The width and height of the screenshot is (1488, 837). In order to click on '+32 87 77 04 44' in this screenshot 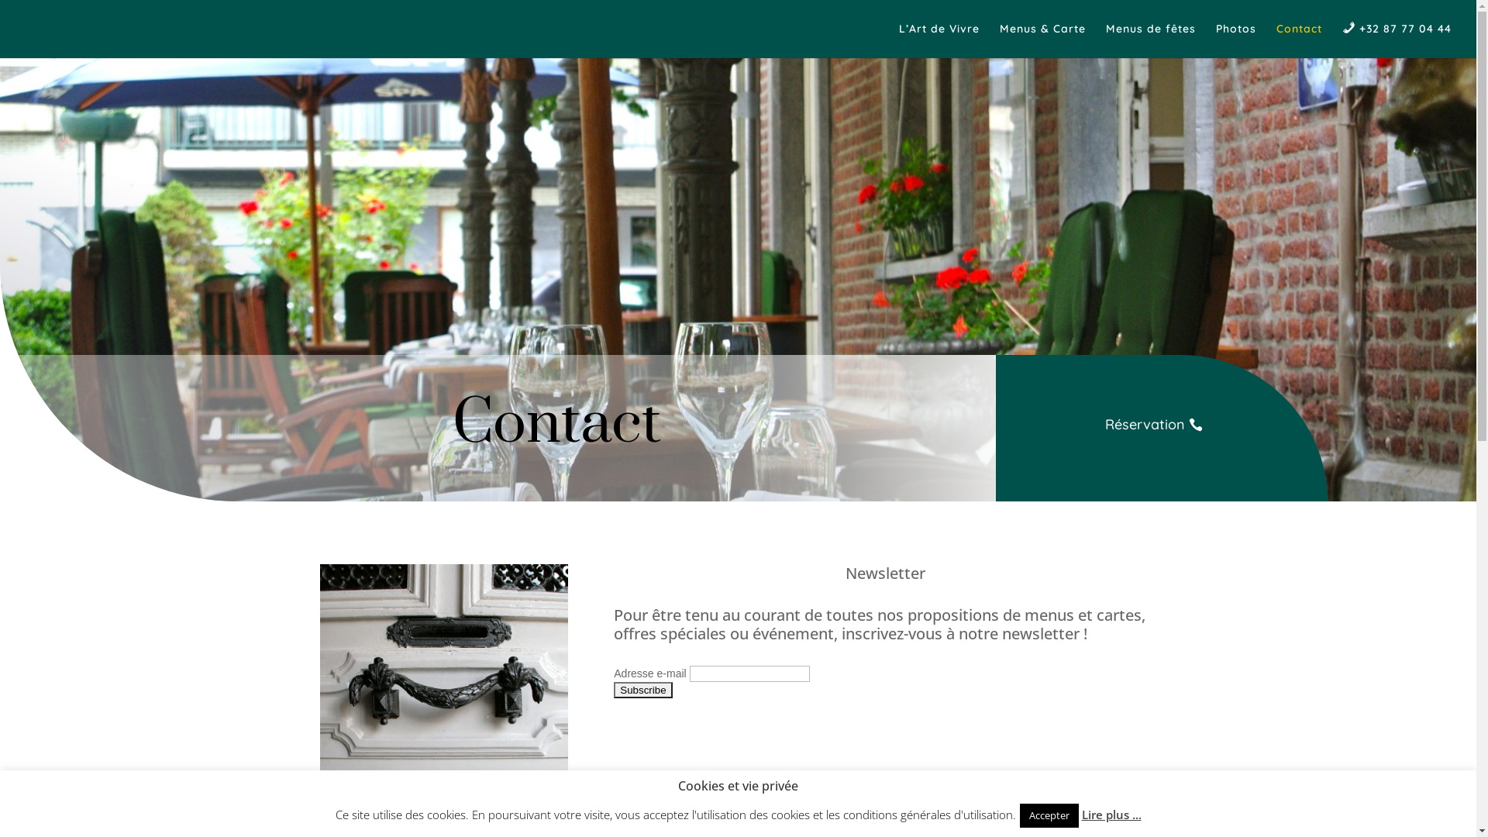, I will do `click(1397, 40)`.